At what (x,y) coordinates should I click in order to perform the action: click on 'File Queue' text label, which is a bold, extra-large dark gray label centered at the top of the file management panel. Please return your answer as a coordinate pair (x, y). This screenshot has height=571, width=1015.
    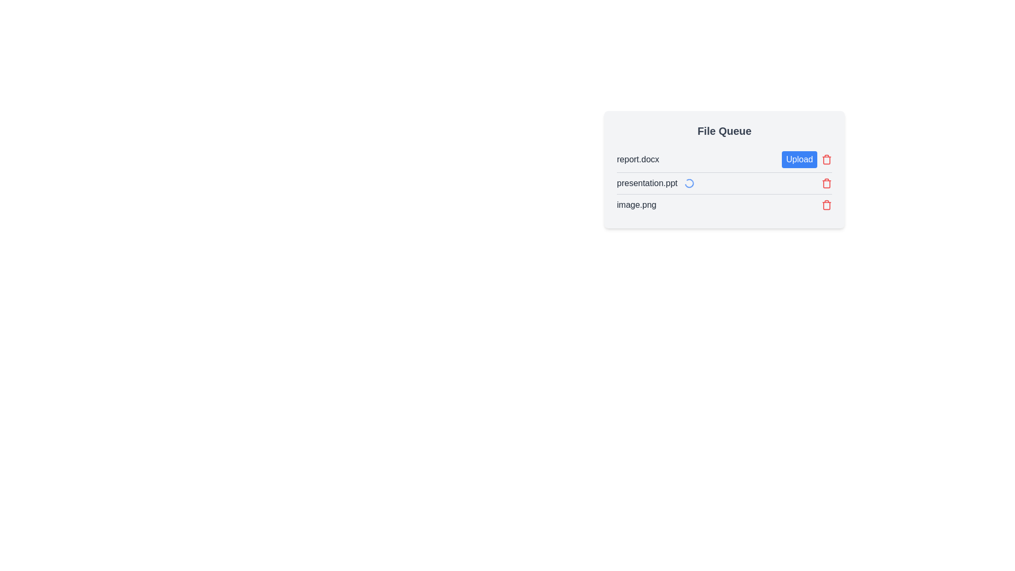
    Looking at the image, I should click on (724, 130).